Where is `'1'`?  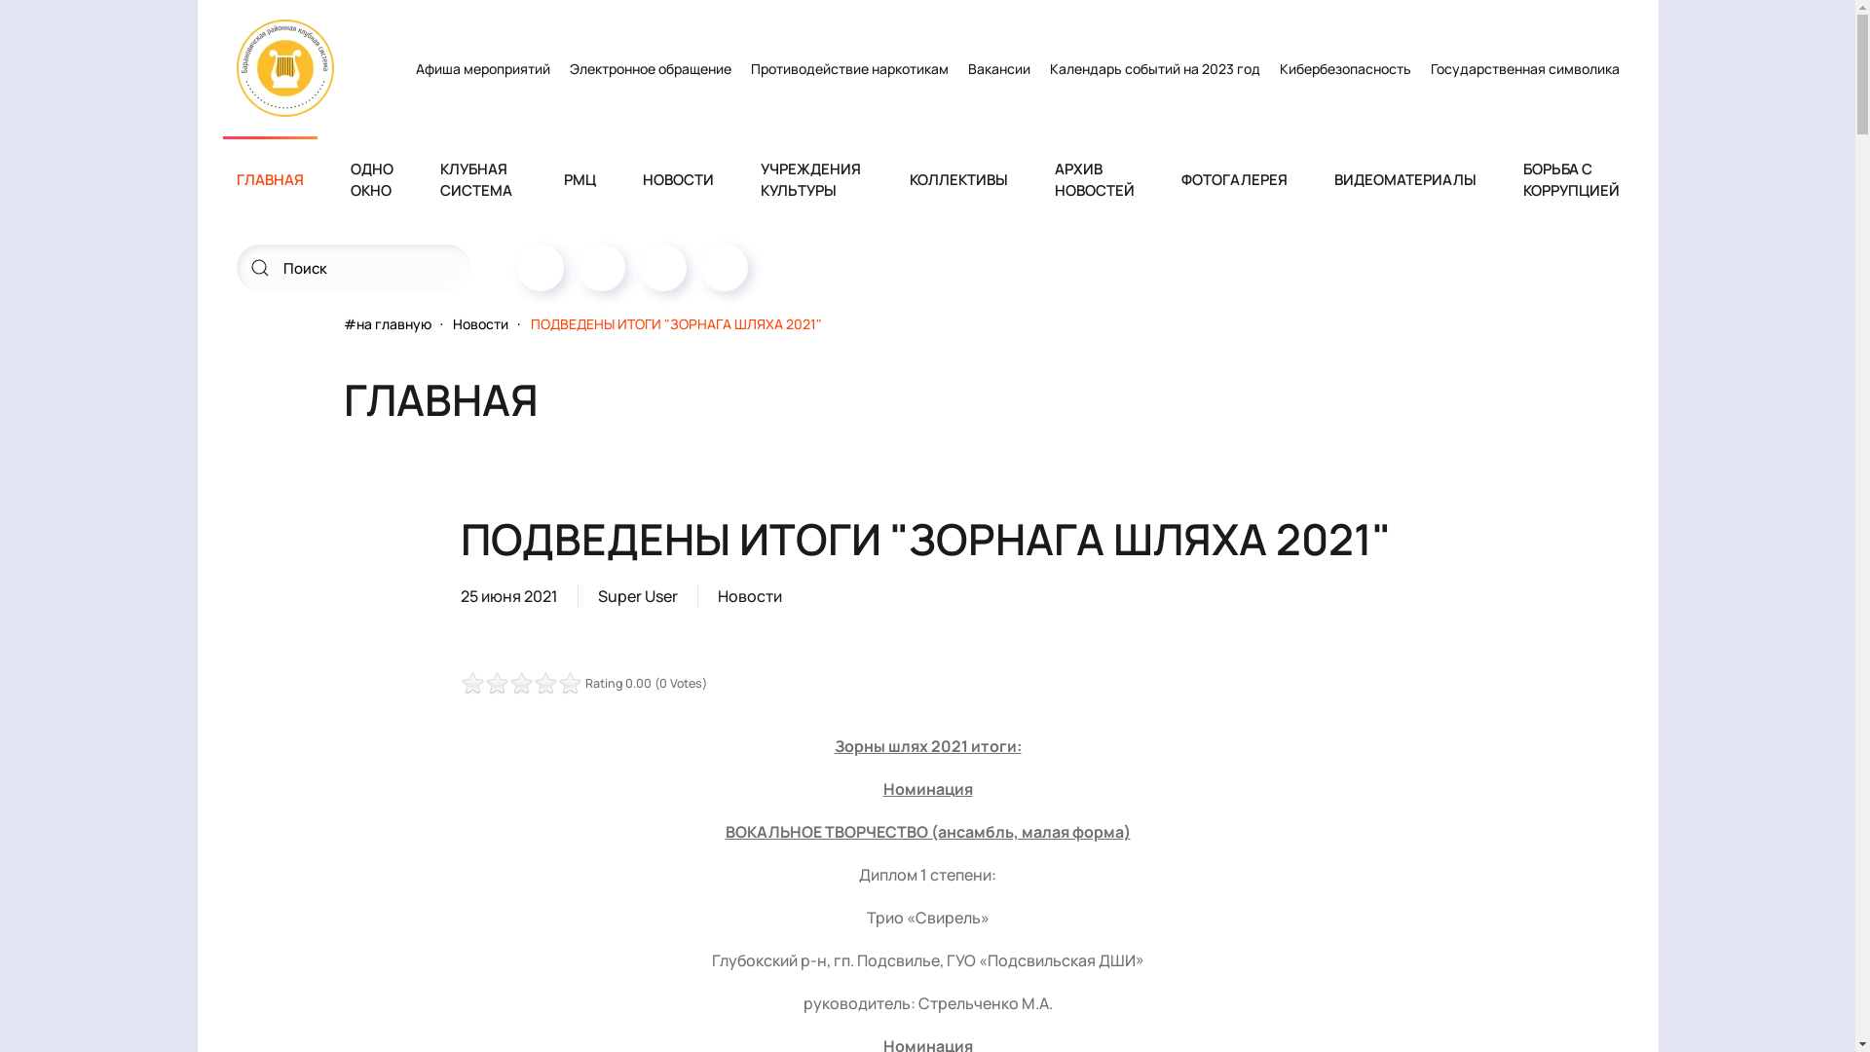
'1' is located at coordinates (477, 682).